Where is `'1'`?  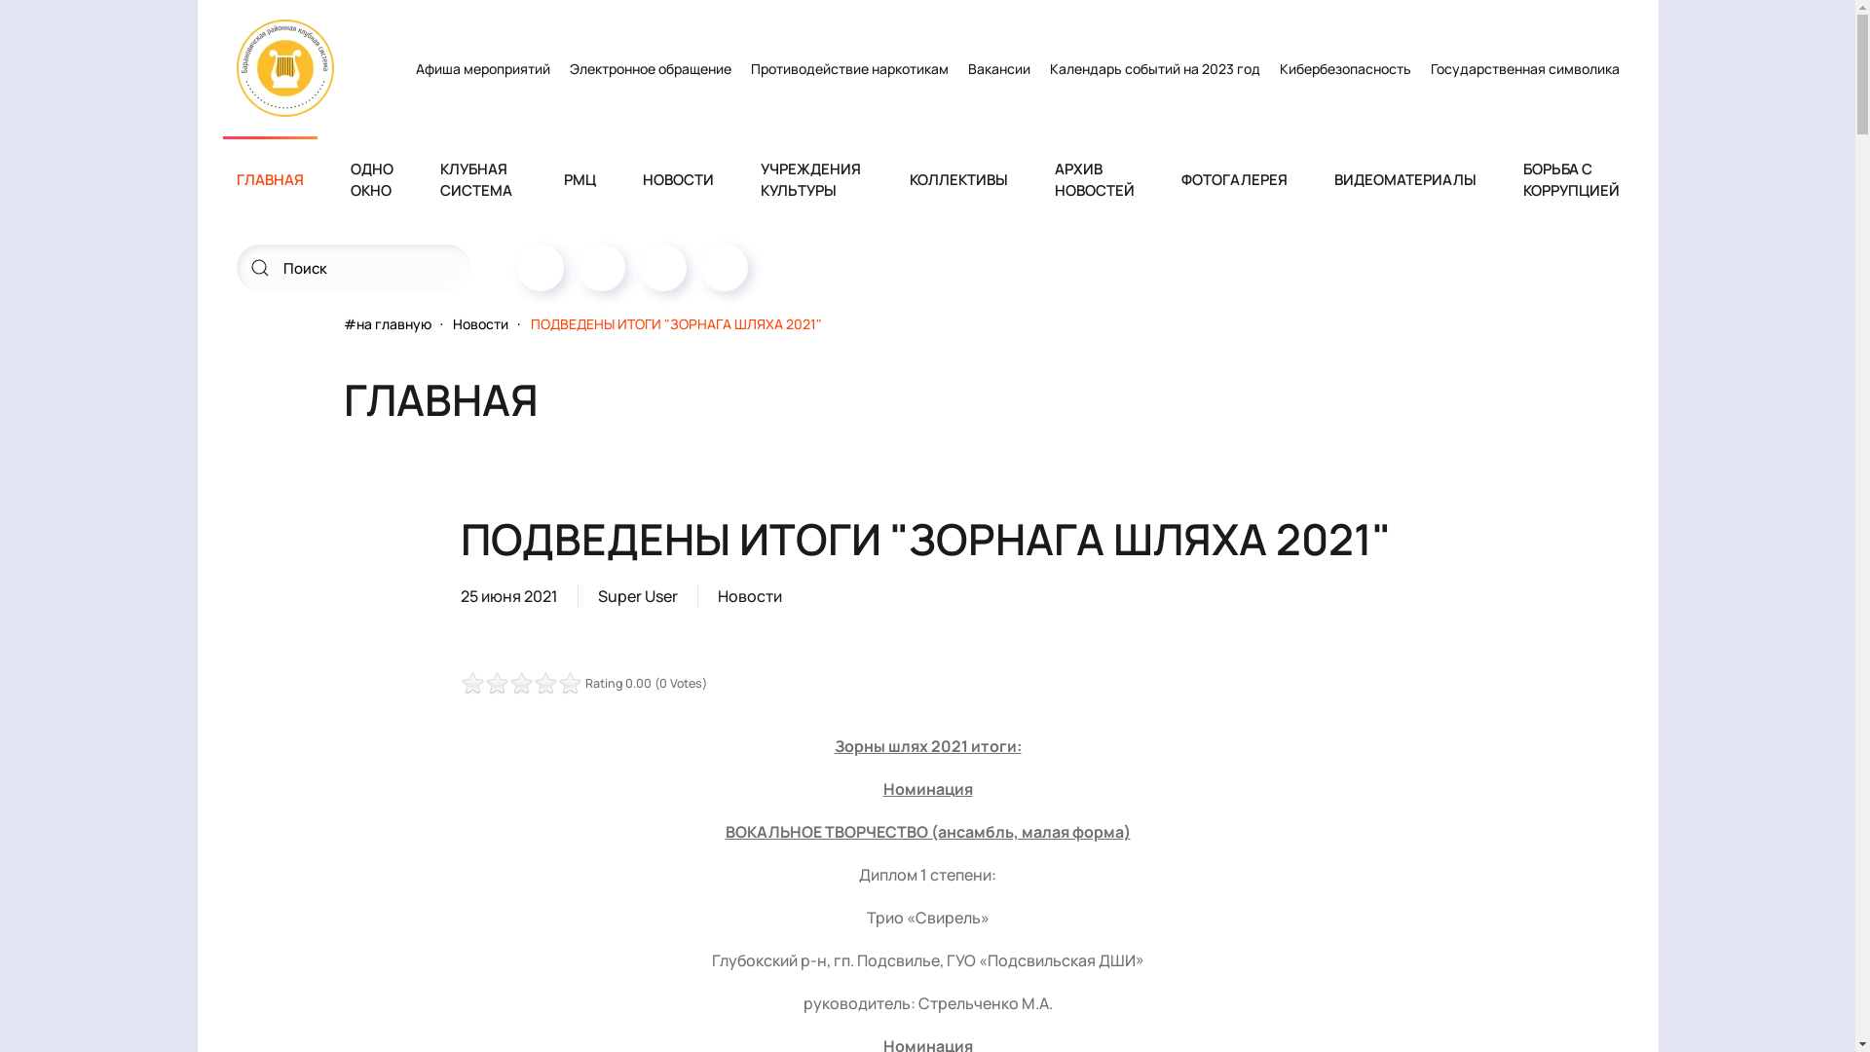
'1' is located at coordinates (477, 682).